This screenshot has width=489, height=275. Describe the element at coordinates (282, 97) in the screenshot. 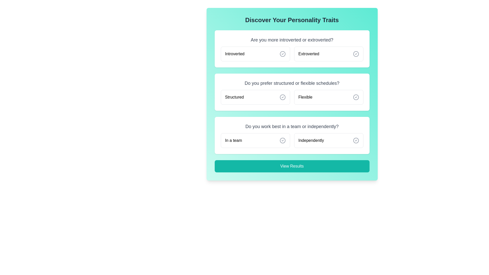

I see `the Circle graphic or icon adjacent to the 'Structured' label in the question section of the form` at that location.